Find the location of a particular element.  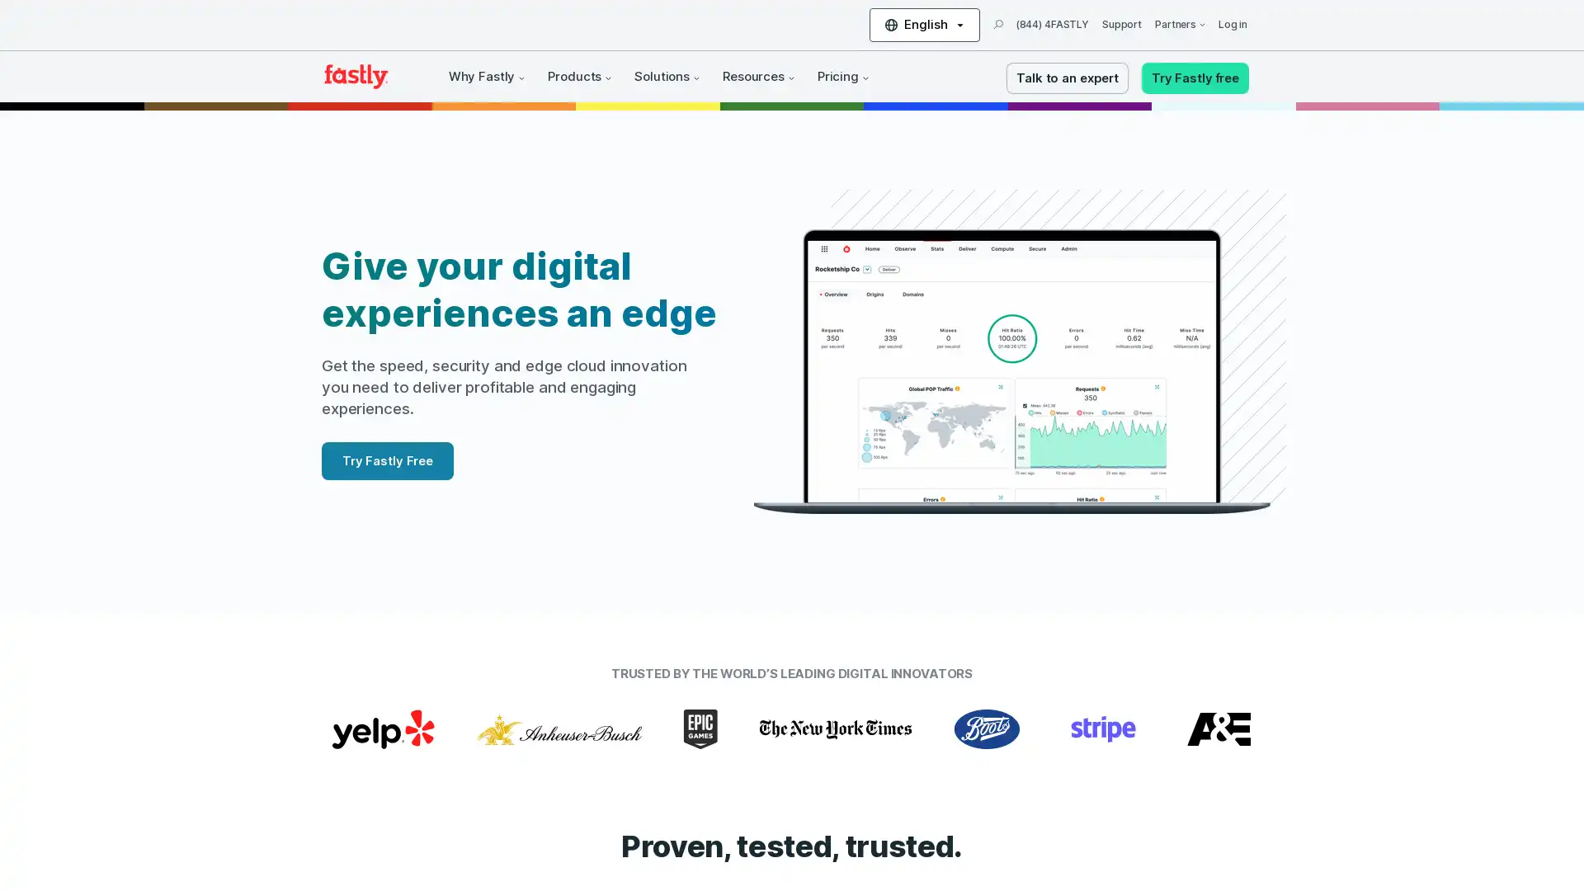

Cookies Settings is located at coordinates (167, 828).